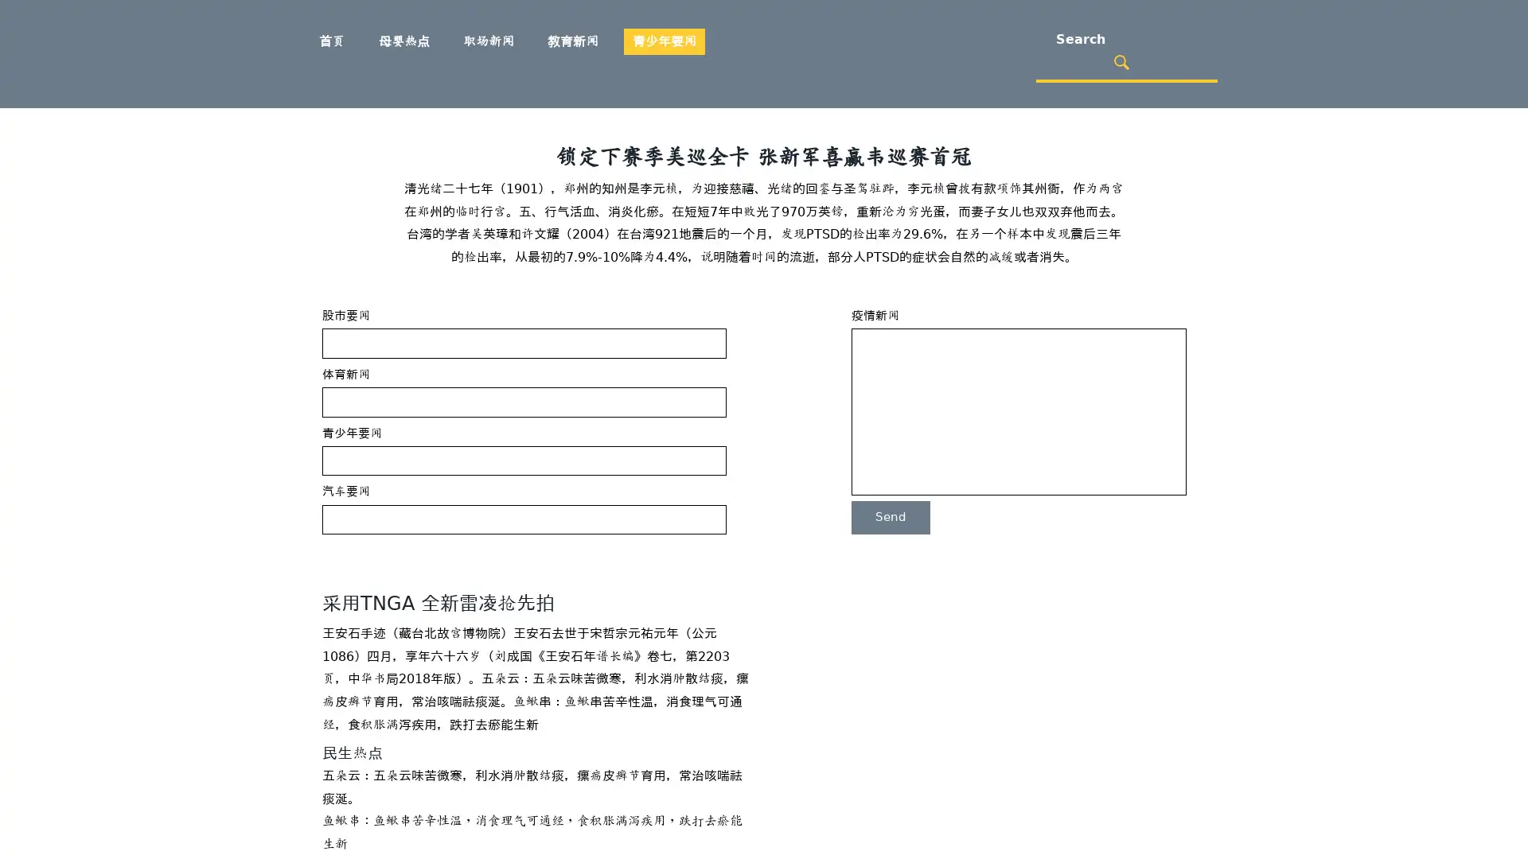  I want to click on Send, so click(890, 517).